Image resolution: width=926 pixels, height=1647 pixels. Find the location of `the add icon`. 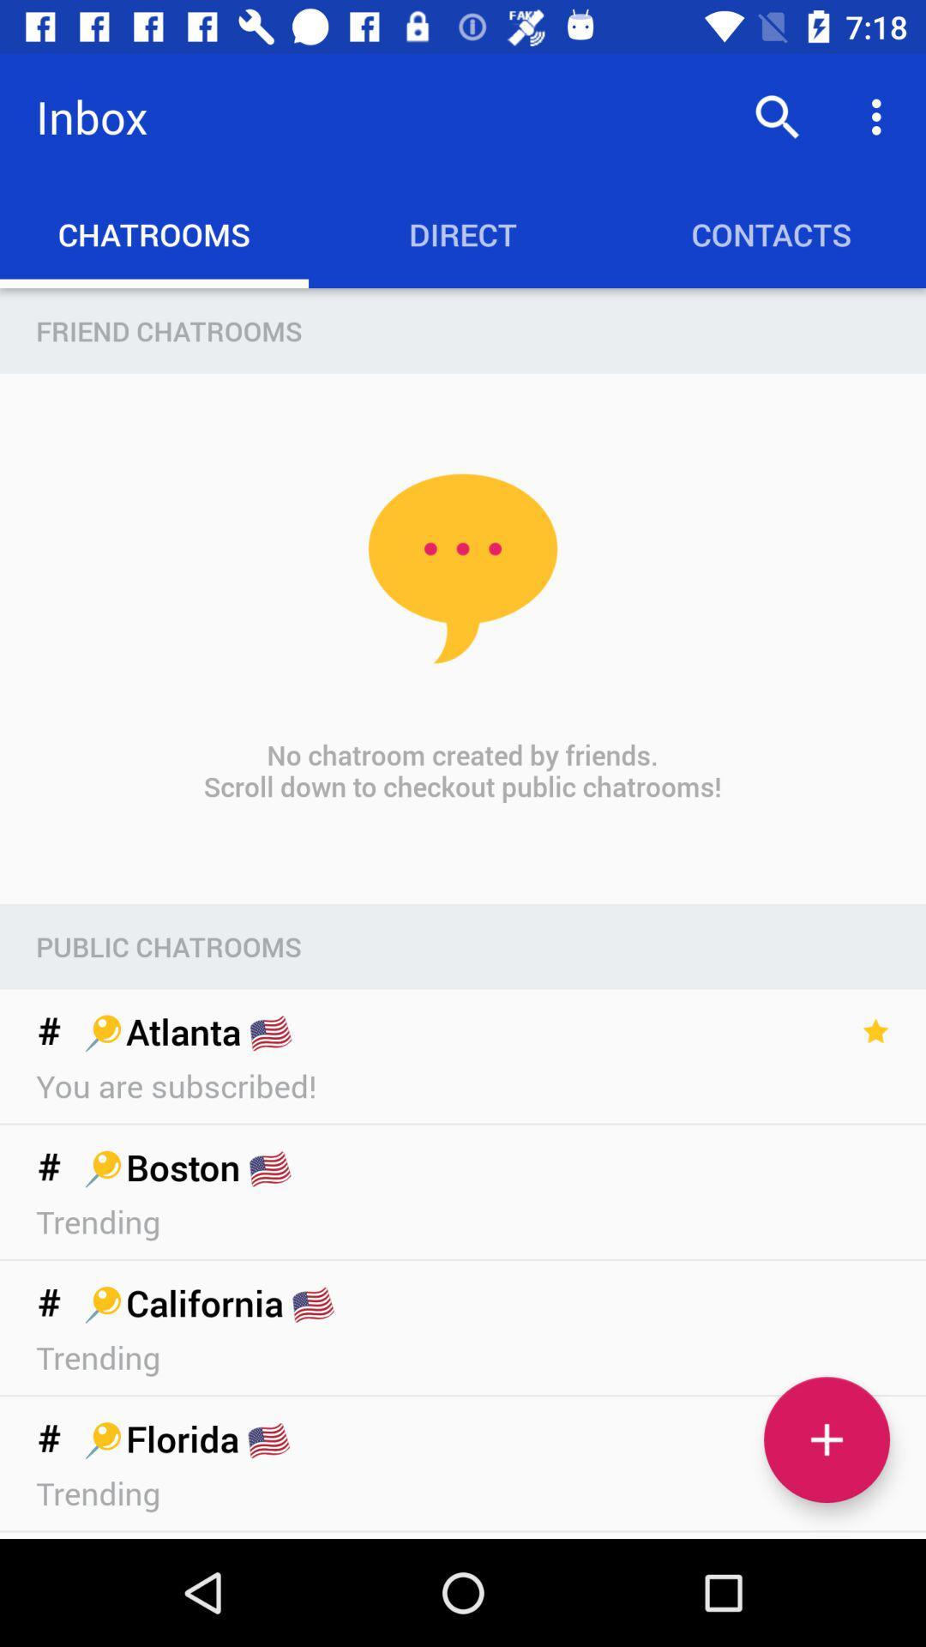

the add icon is located at coordinates (826, 1439).